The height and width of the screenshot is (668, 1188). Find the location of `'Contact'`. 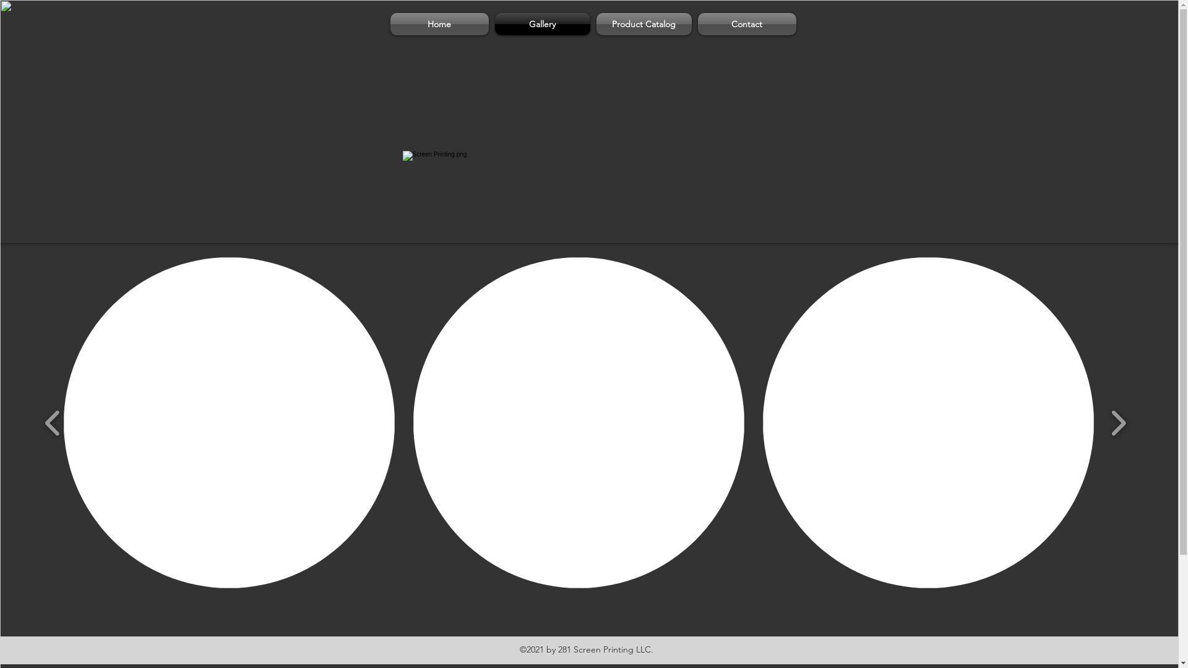

'Contact' is located at coordinates (694, 24).